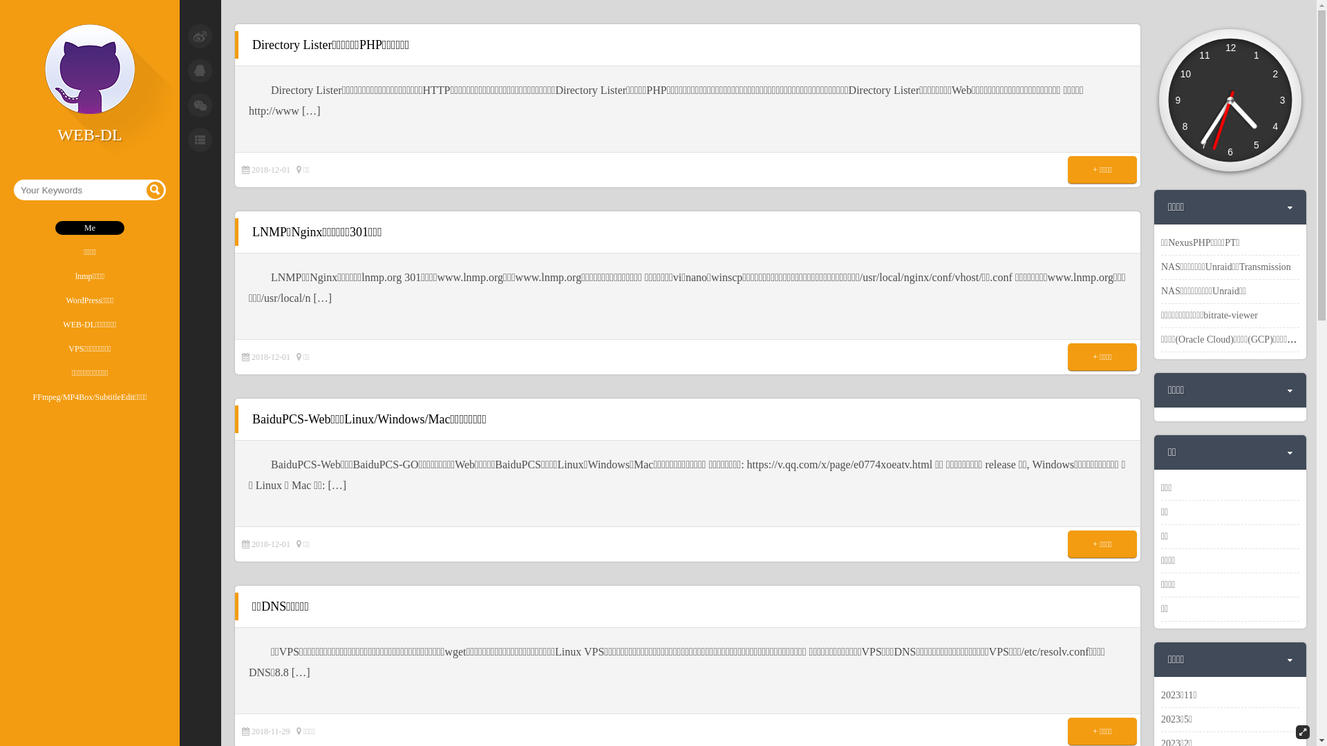 This screenshot has width=1327, height=746. Describe the element at coordinates (13, 227) in the screenshot. I see `'Me'` at that location.